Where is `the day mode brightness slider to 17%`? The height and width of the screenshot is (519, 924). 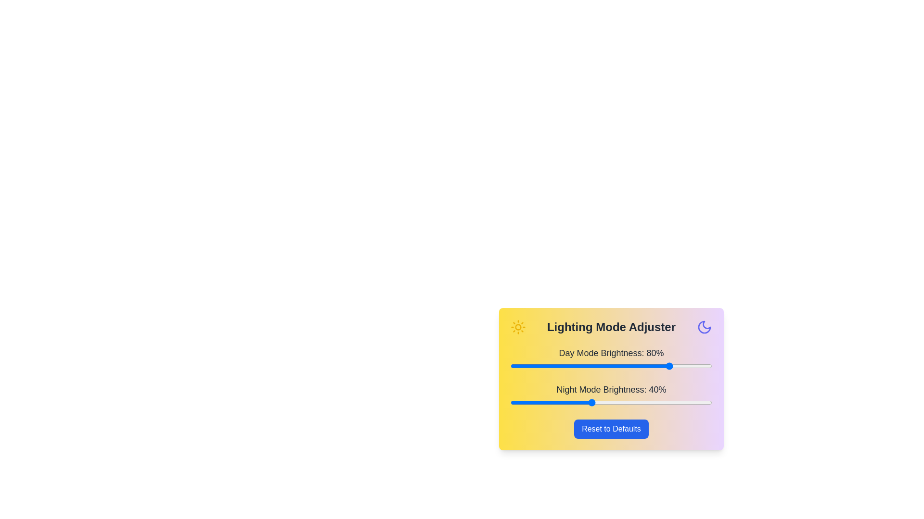 the day mode brightness slider to 17% is located at coordinates (545, 366).